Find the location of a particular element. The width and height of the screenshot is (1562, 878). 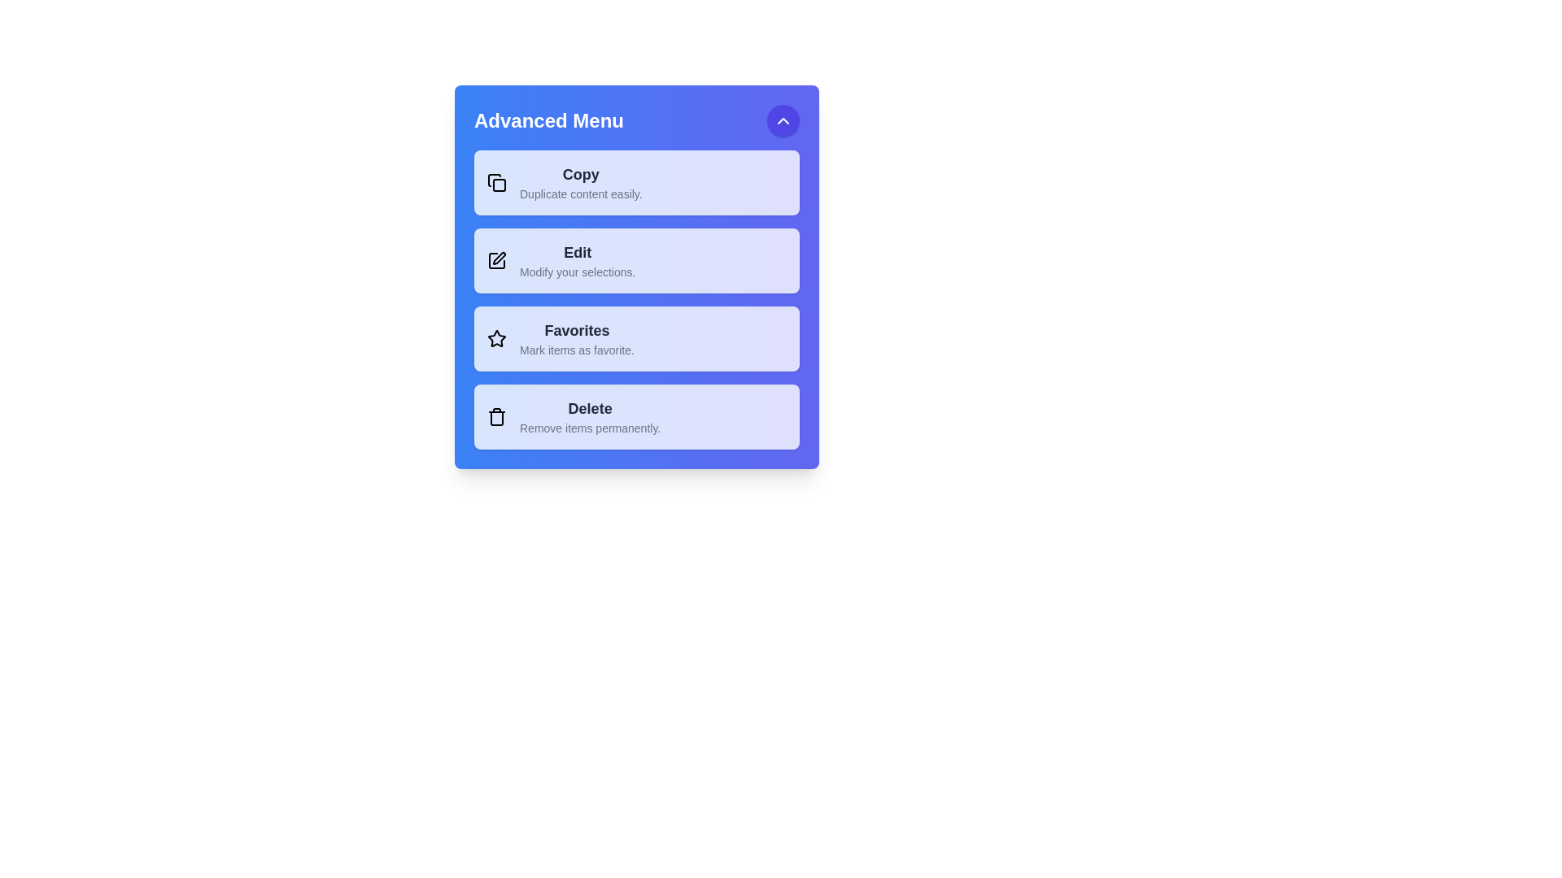

the menu item Copy from the AdvancedInteractiveMenu is located at coordinates (635, 182).